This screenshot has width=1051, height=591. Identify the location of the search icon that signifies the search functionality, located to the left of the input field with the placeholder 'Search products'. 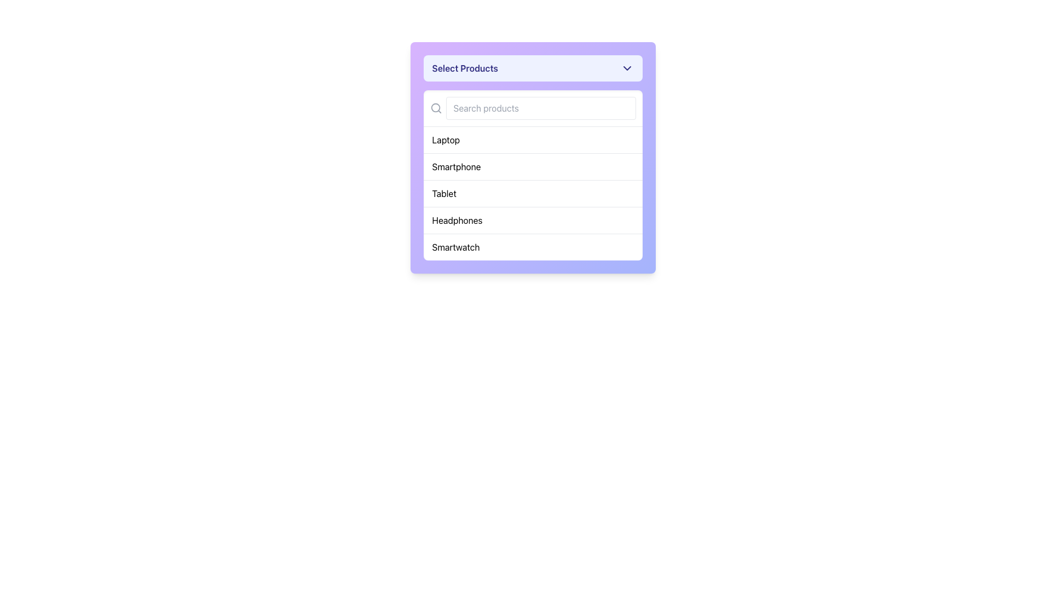
(435, 108).